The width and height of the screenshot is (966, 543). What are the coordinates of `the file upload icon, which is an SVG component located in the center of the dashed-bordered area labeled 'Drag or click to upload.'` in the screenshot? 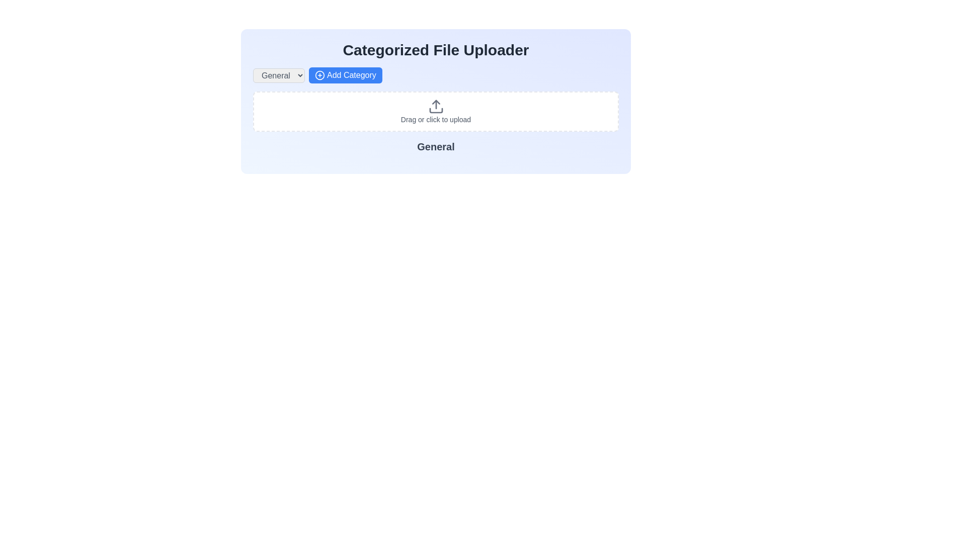 It's located at (436, 107).